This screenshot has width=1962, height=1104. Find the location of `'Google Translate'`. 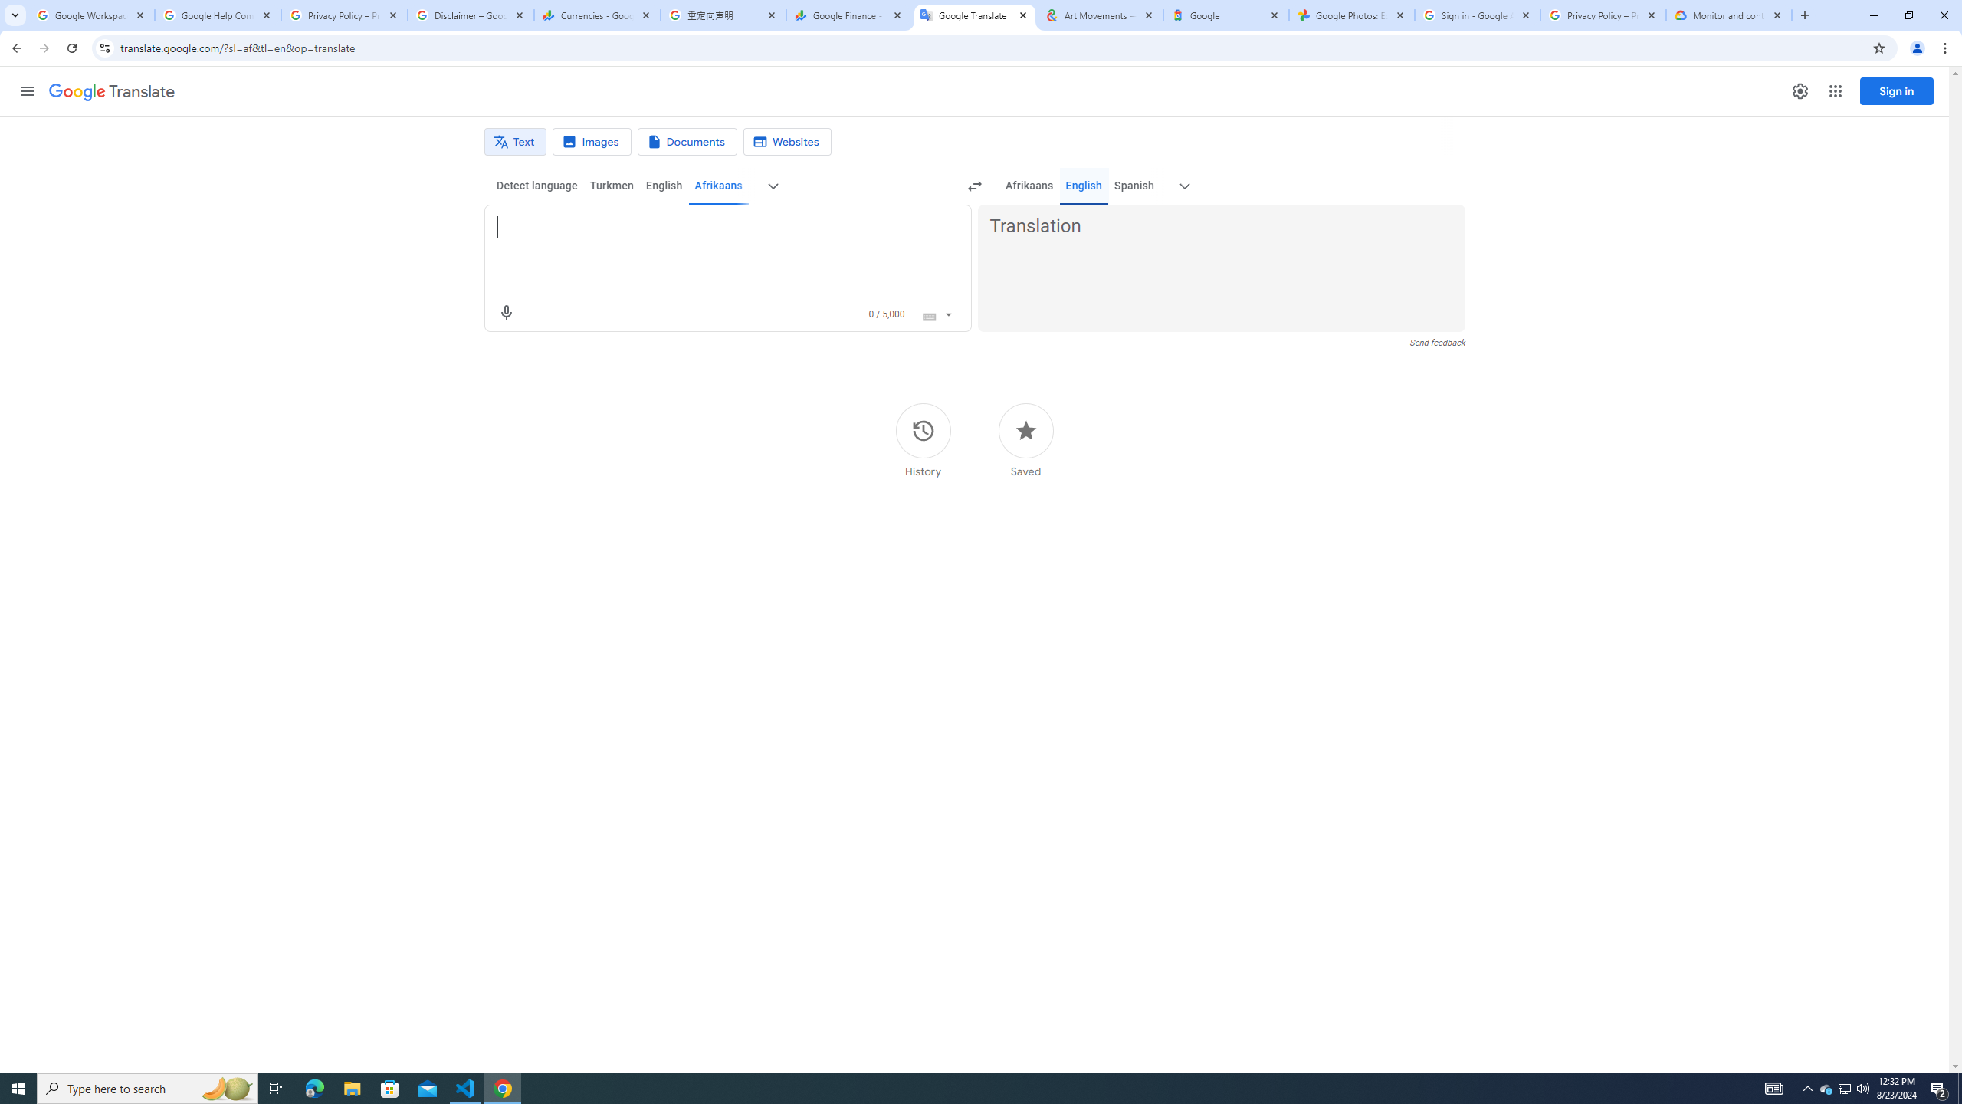

'Google Translate' is located at coordinates (974, 15).